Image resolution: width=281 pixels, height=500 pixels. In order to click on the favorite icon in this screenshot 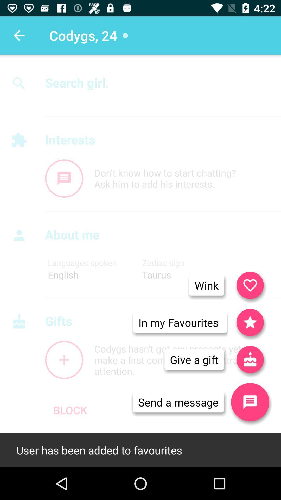, I will do `click(250, 285)`.